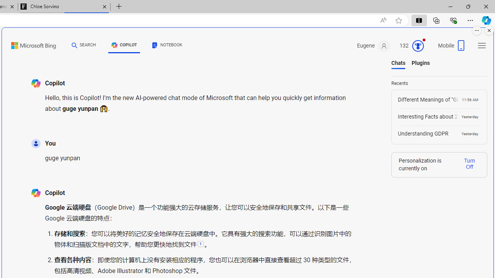  Describe the element at coordinates (167, 45) in the screenshot. I see `'NOTEBOOK'` at that location.